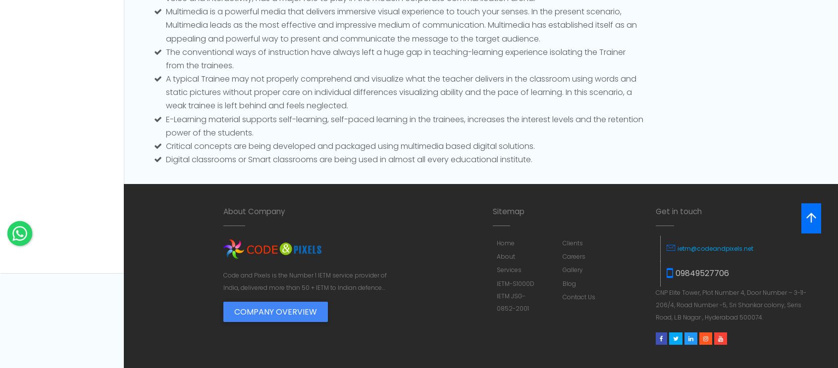 The image size is (838, 368). I want to click on 'The conventional ways of instruction have always left a huge gap in teaching-learning experience isolating the Trainer from the trainees.', so click(165, 57).